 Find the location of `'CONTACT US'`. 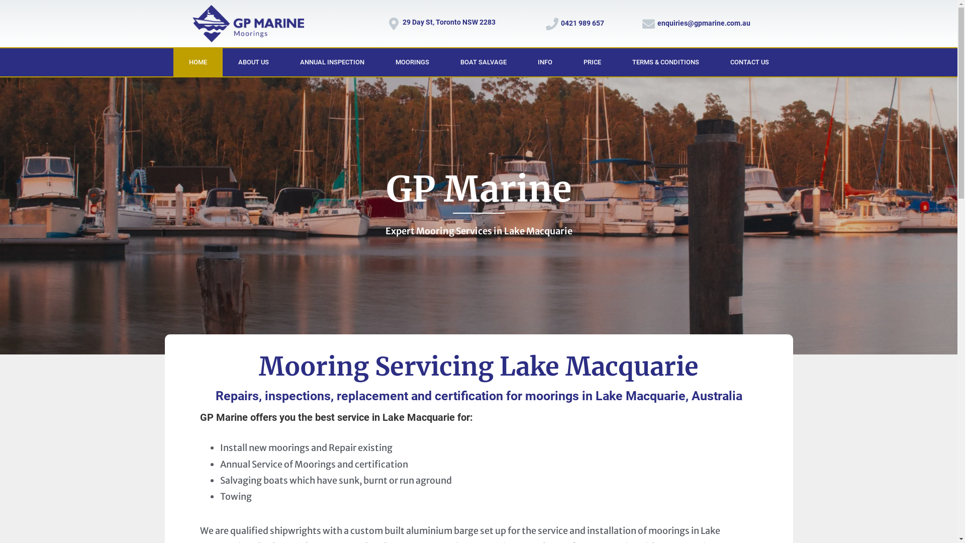

'CONTACT US' is located at coordinates (749, 62).